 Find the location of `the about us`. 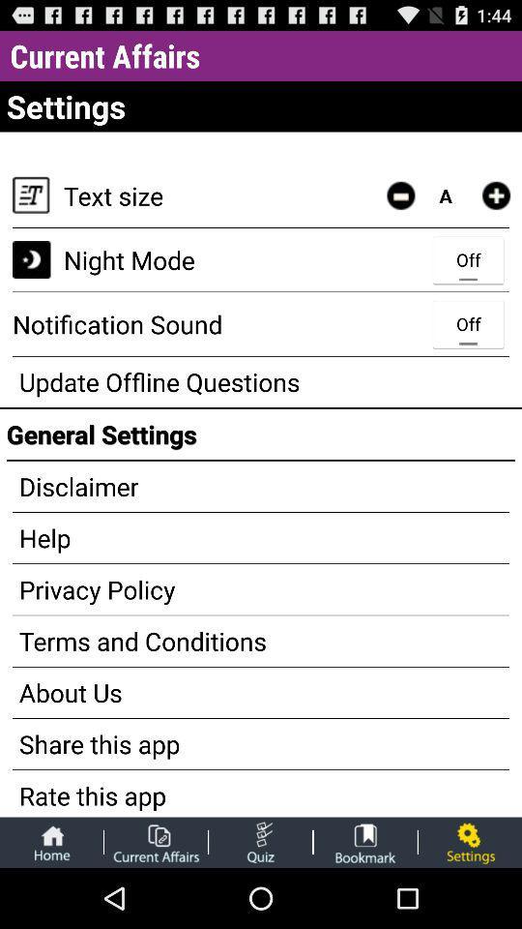

the about us is located at coordinates (261, 692).